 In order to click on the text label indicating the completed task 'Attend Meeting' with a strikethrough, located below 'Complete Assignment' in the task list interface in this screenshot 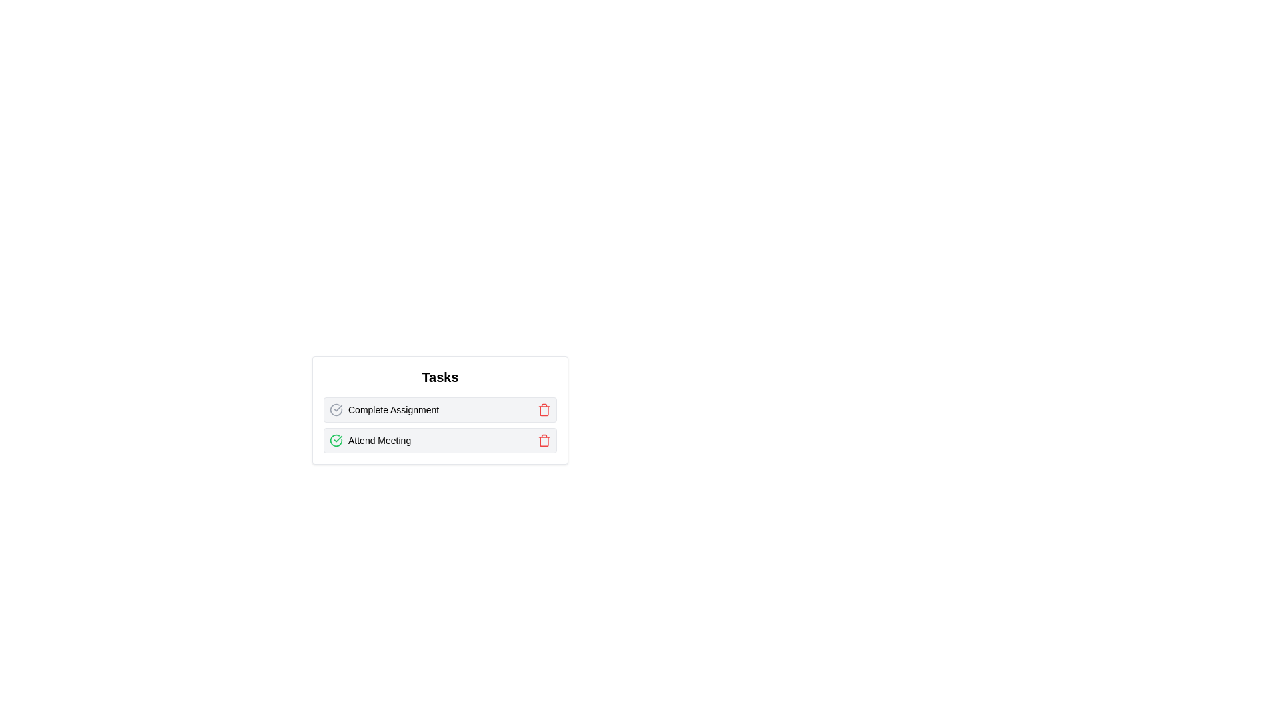, I will do `click(379, 440)`.